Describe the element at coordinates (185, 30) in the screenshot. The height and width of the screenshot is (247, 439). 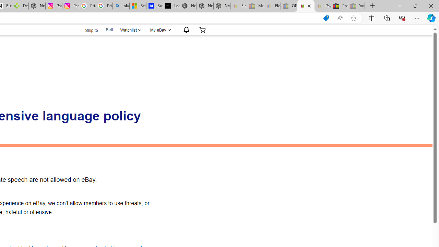
I see `'AutomationID: gh-eb-Alerts'` at that location.